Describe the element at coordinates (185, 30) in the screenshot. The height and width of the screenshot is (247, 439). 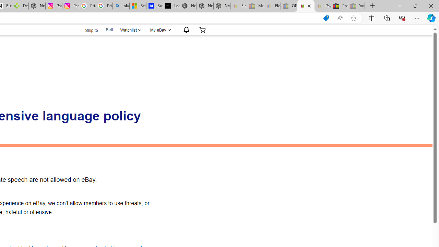
I see `'AutomationID: gh-eb-Alerts'` at that location.